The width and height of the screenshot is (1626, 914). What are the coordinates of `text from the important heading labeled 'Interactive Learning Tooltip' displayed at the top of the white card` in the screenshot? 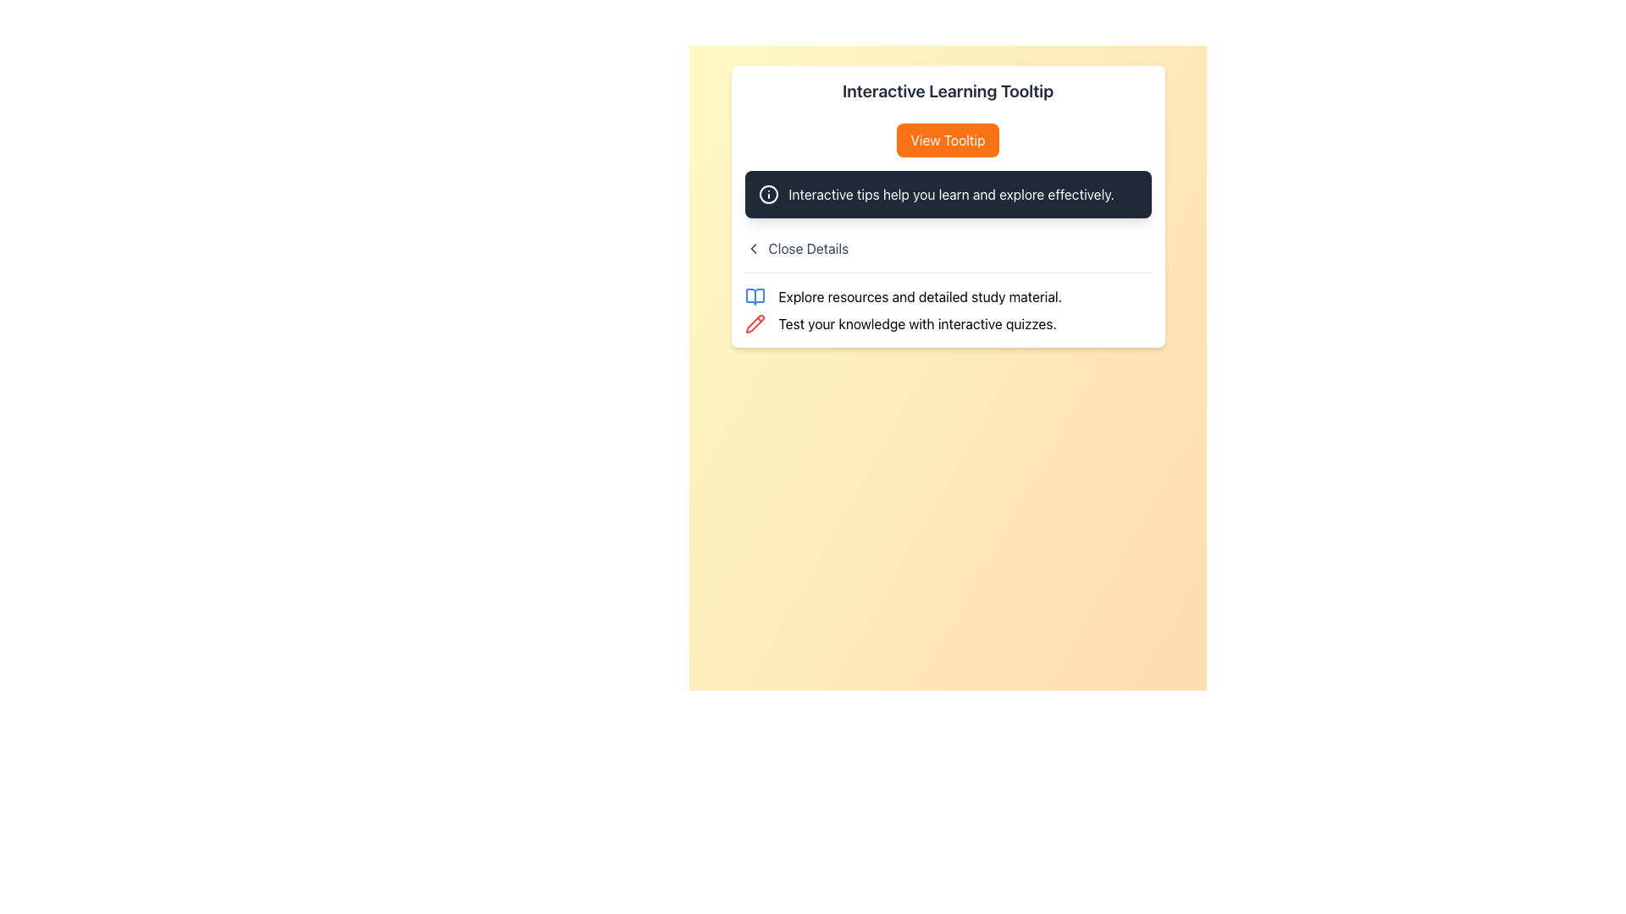 It's located at (947, 91).